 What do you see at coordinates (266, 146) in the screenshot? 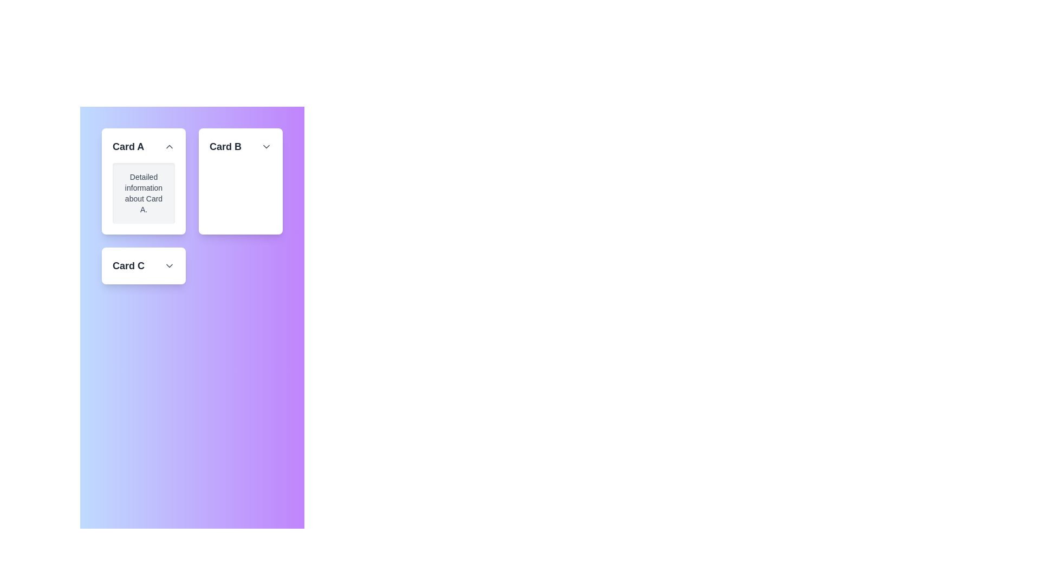
I see `the chevron arrow icon located in the upper-right corner of 'Card B'` at bounding box center [266, 146].